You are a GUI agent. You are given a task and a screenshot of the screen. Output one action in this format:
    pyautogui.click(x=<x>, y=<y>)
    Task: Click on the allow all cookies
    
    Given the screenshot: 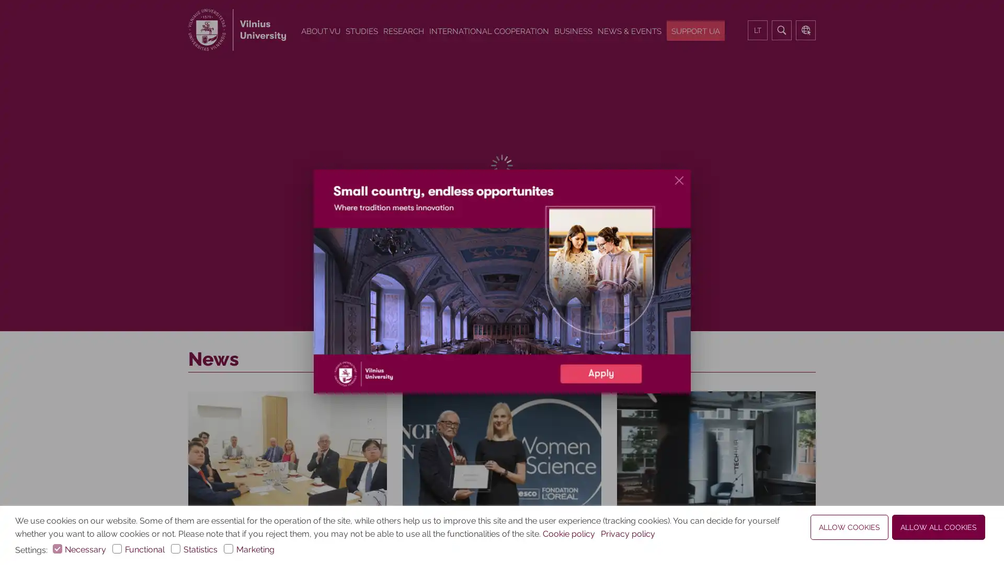 What is the action you would take?
    pyautogui.click(x=939, y=527)
    